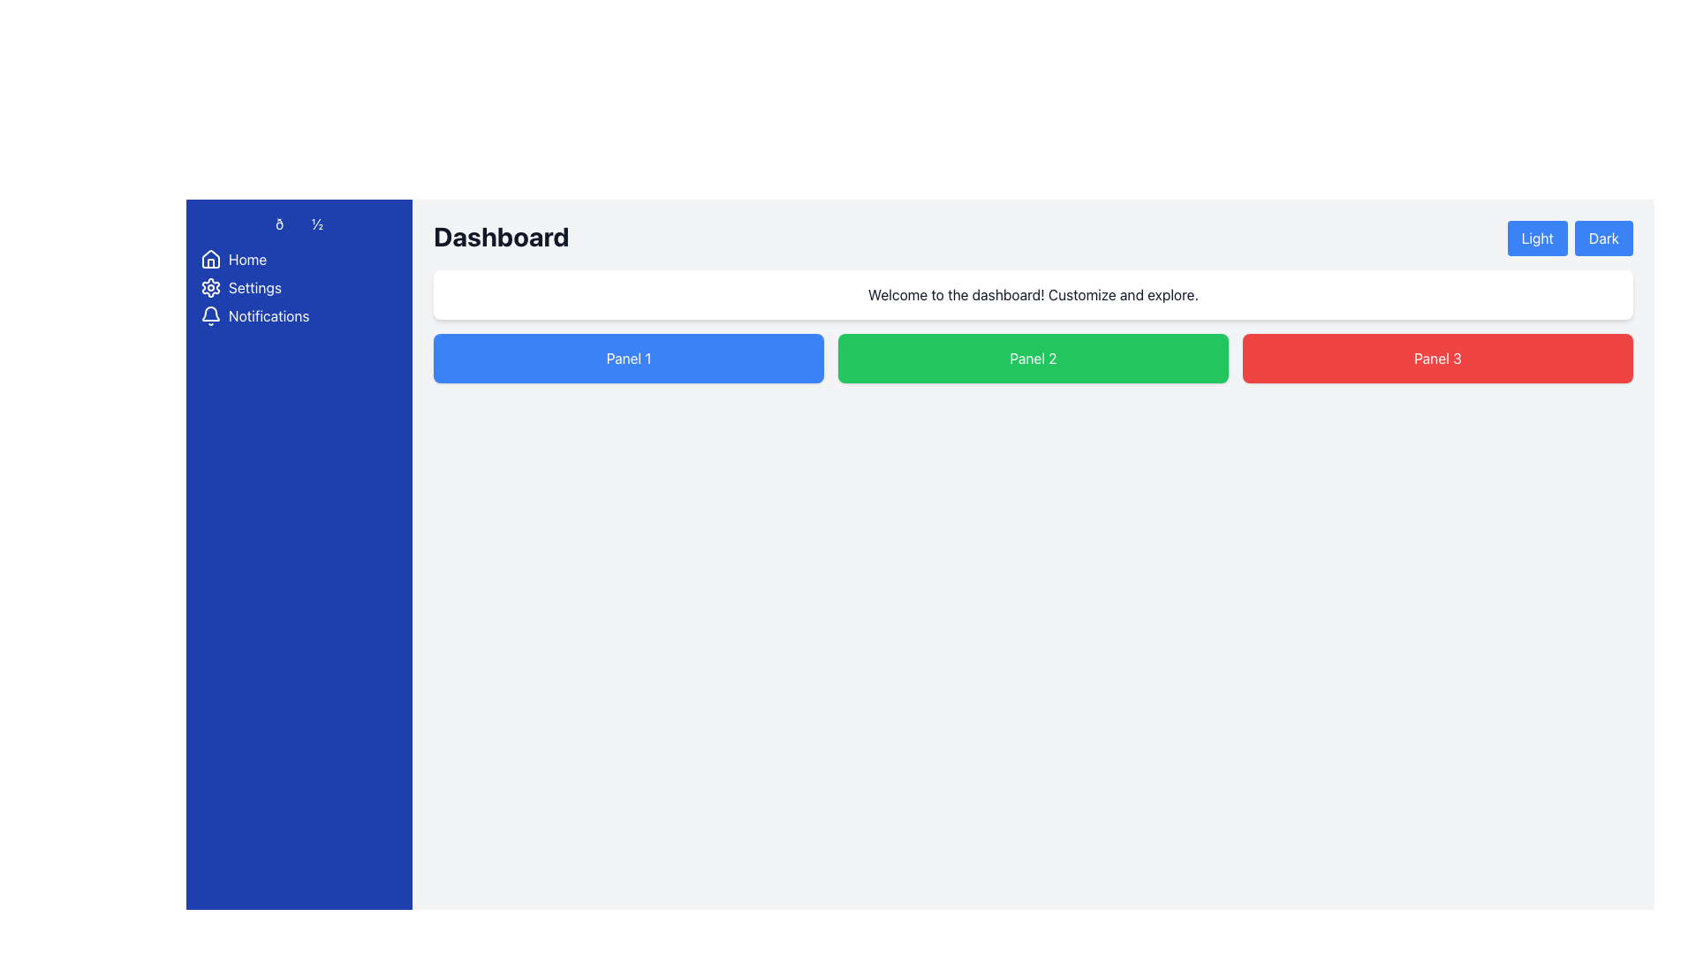  I want to click on the 'Notifications' text label on the blue sidebar, so click(268, 315).